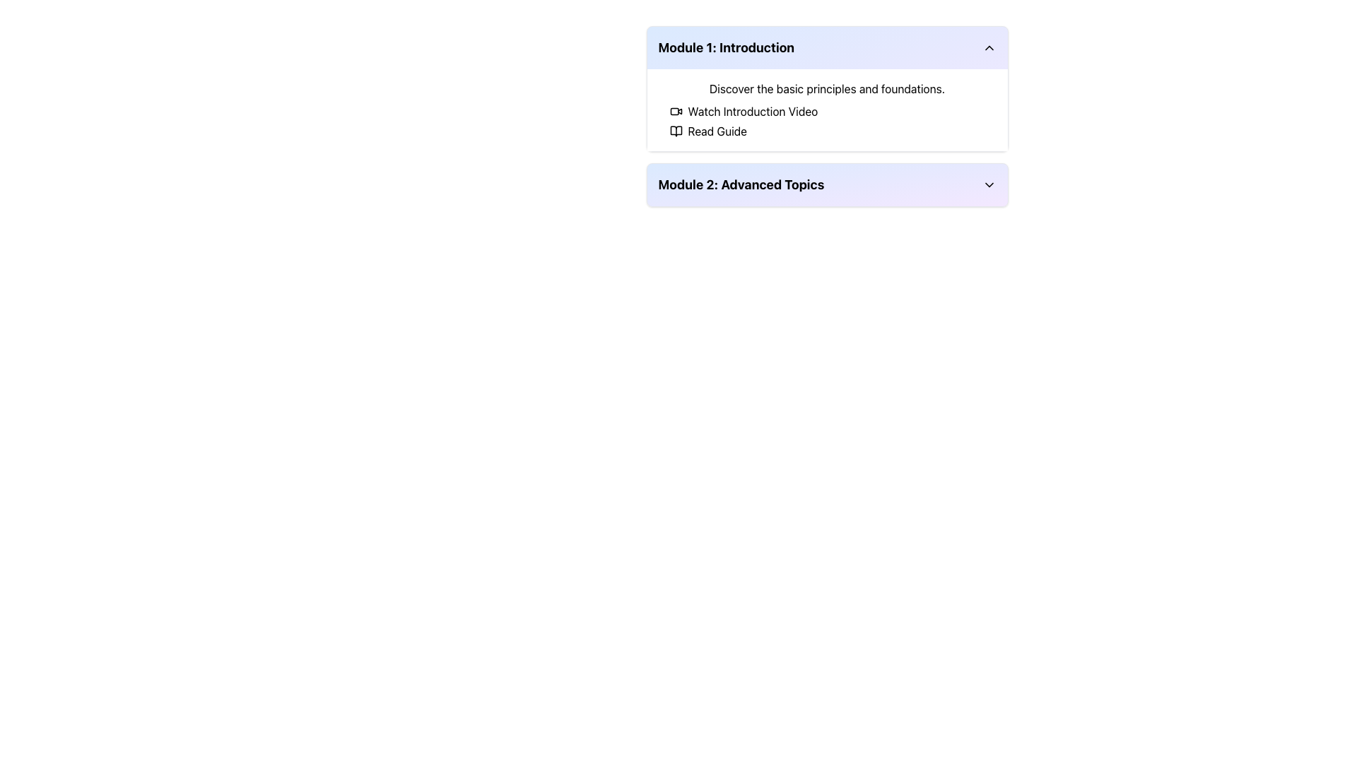  I want to click on the video icon located in 'Module 1: Introduction', which is part of the text 'Watch Introduction Video' and is the leftmost component, so click(675, 111).